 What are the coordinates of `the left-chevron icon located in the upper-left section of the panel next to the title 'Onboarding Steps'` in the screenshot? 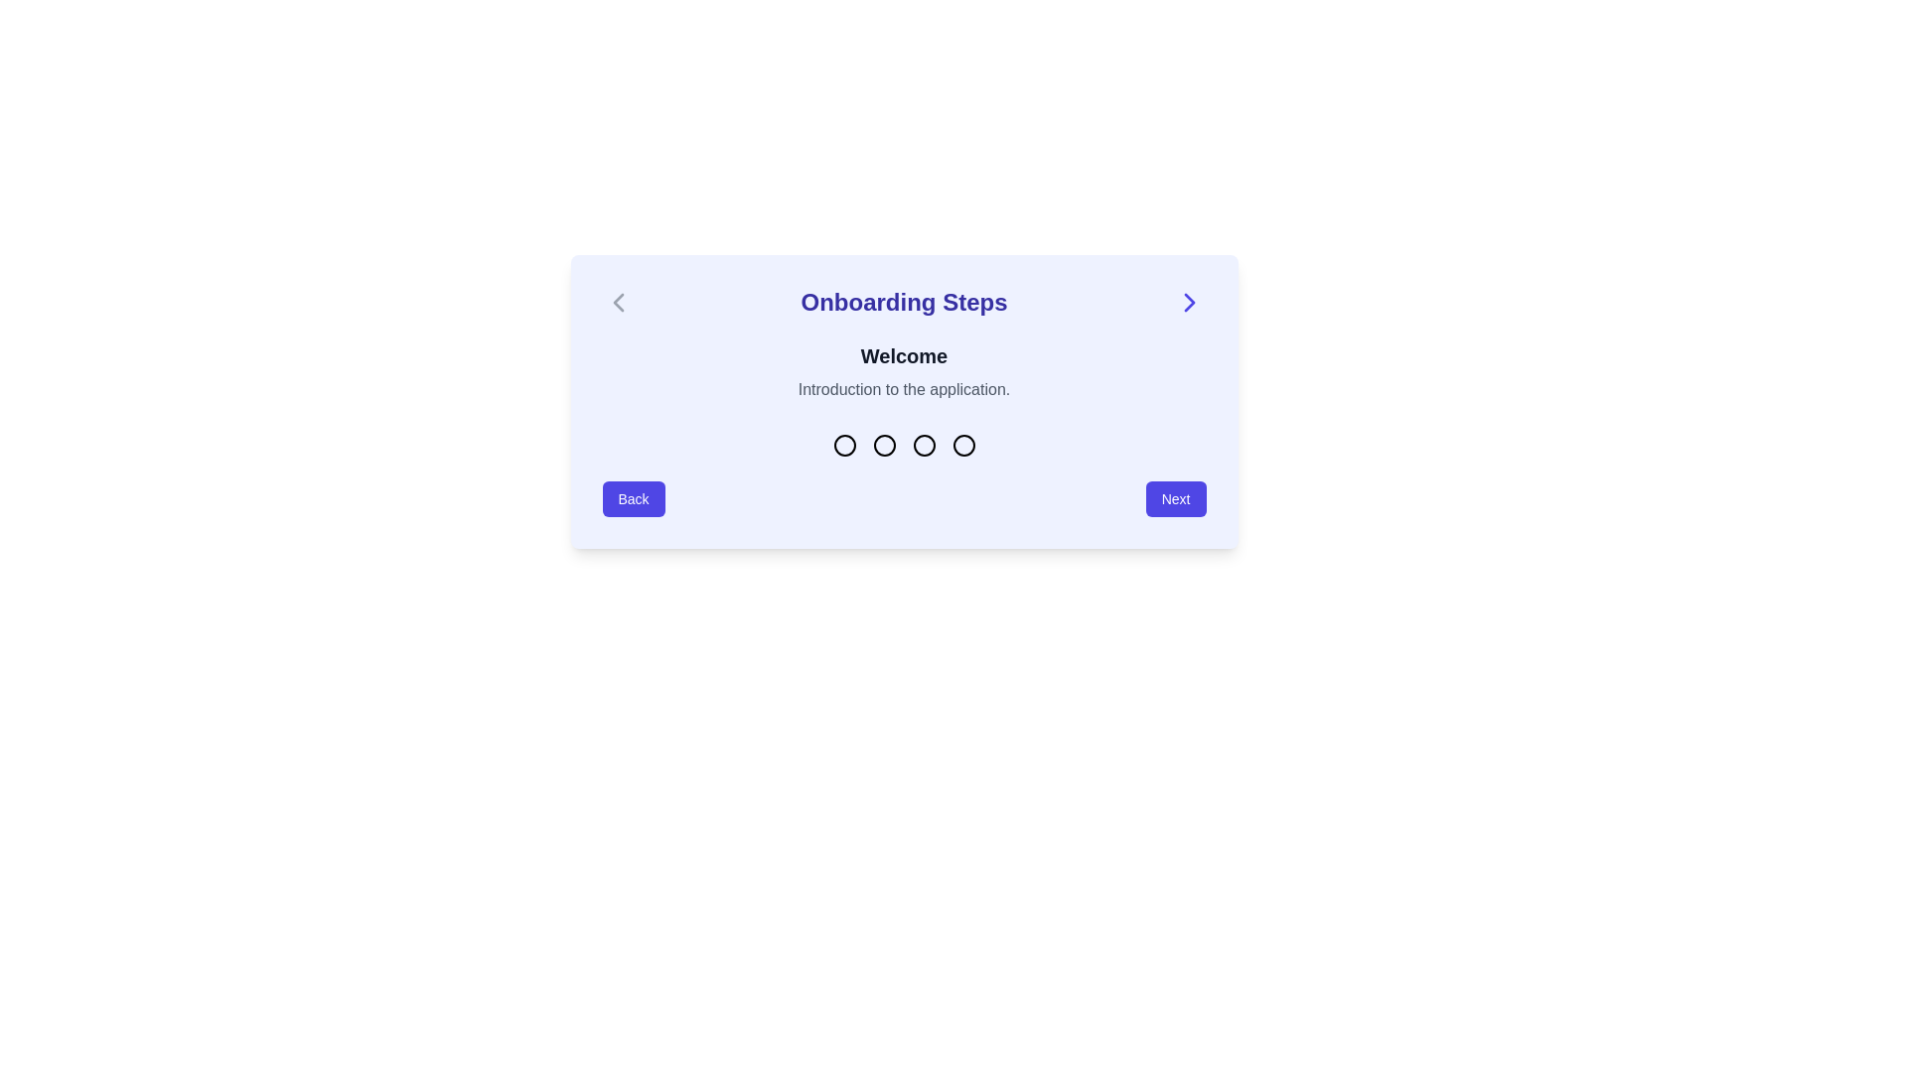 It's located at (617, 302).